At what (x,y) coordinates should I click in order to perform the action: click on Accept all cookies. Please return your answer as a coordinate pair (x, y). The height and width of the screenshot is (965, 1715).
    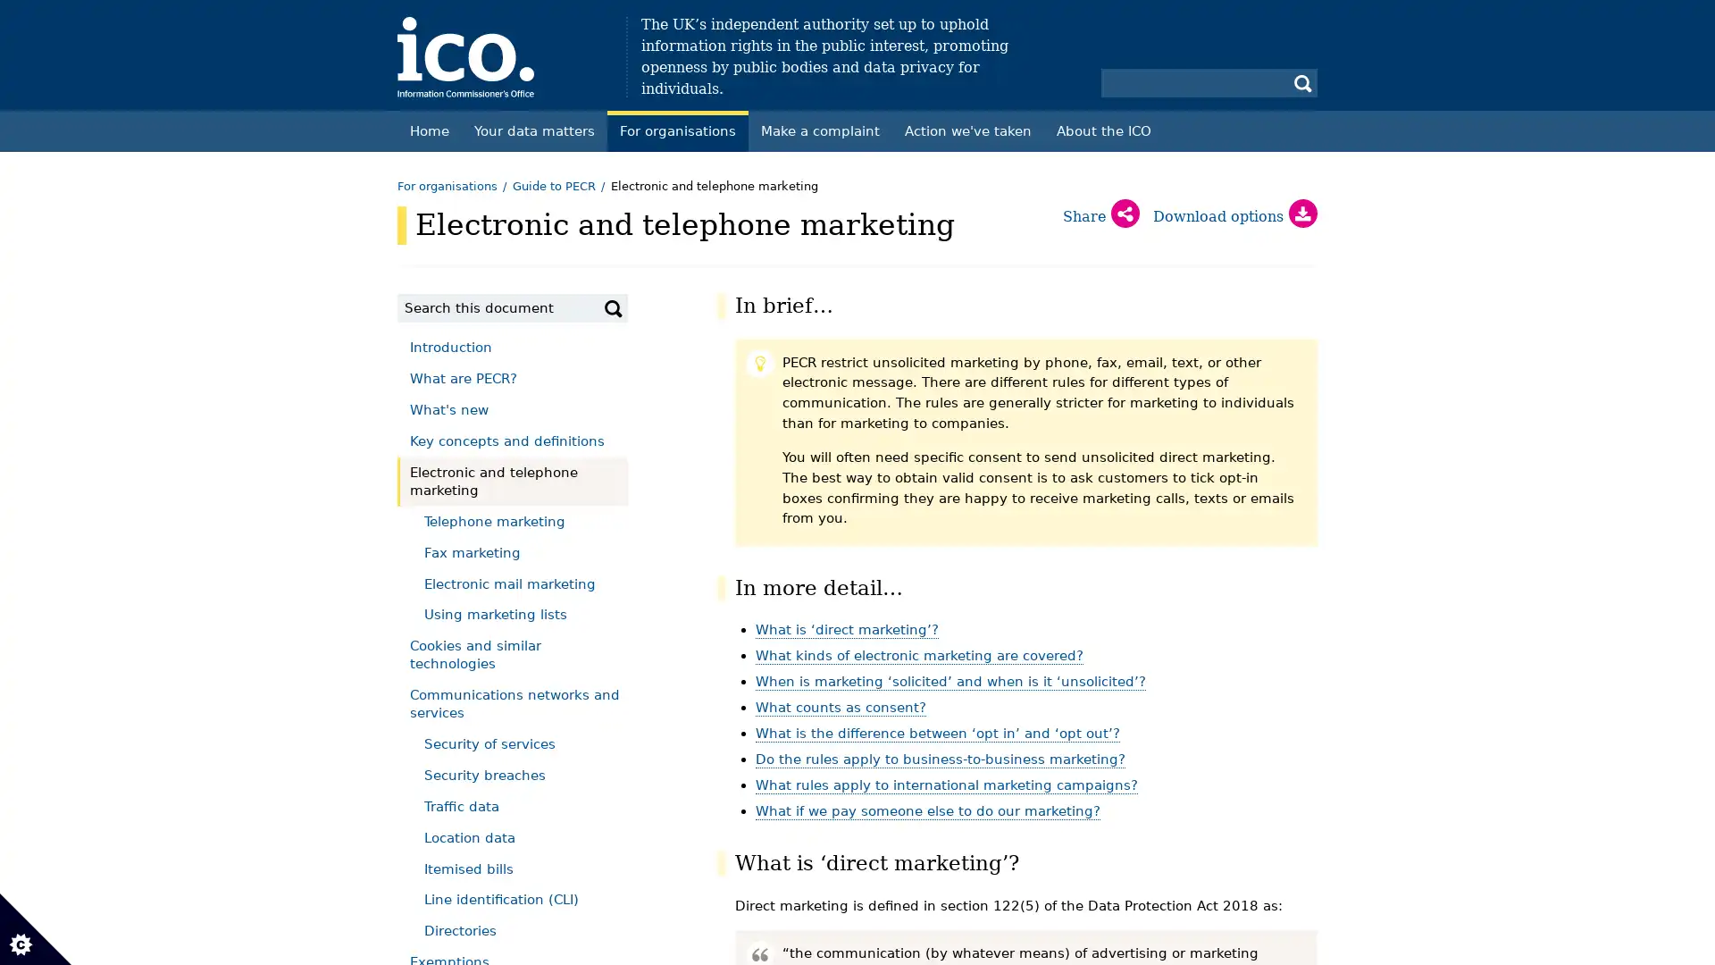
    Looking at the image, I should click on (117, 232).